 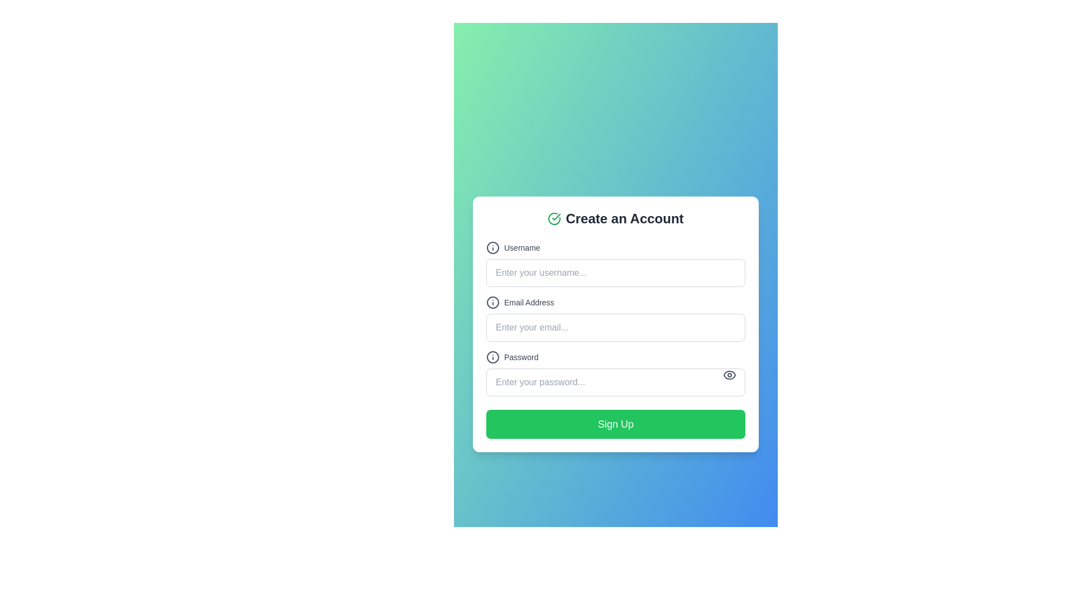 I want to click on the 'Password' text label, which is styled in gray and located within the registration form, specifically above the password input field and to the right of an information icon, so click(x=520, y=357).